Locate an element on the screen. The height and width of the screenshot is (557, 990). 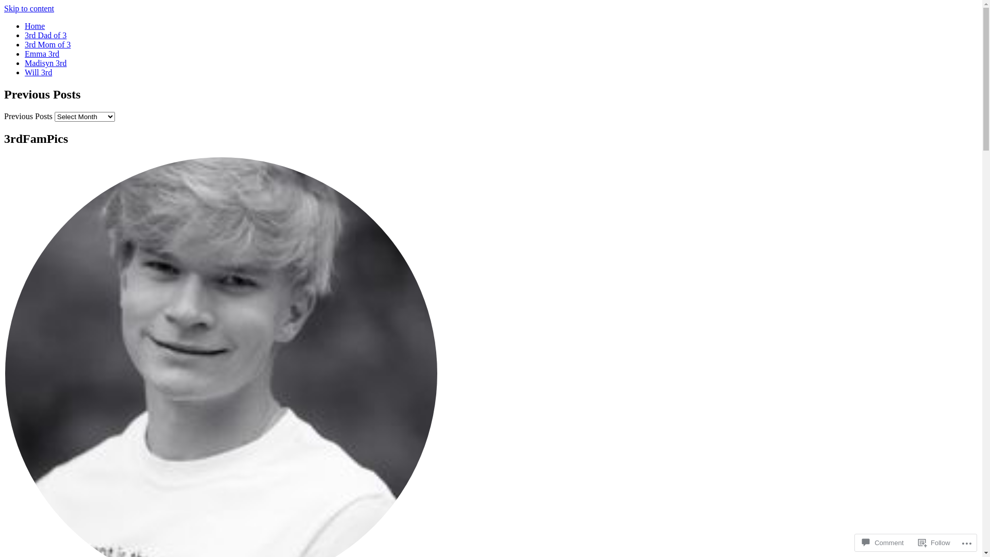
'Comment' is located at coordinates (882, 542).